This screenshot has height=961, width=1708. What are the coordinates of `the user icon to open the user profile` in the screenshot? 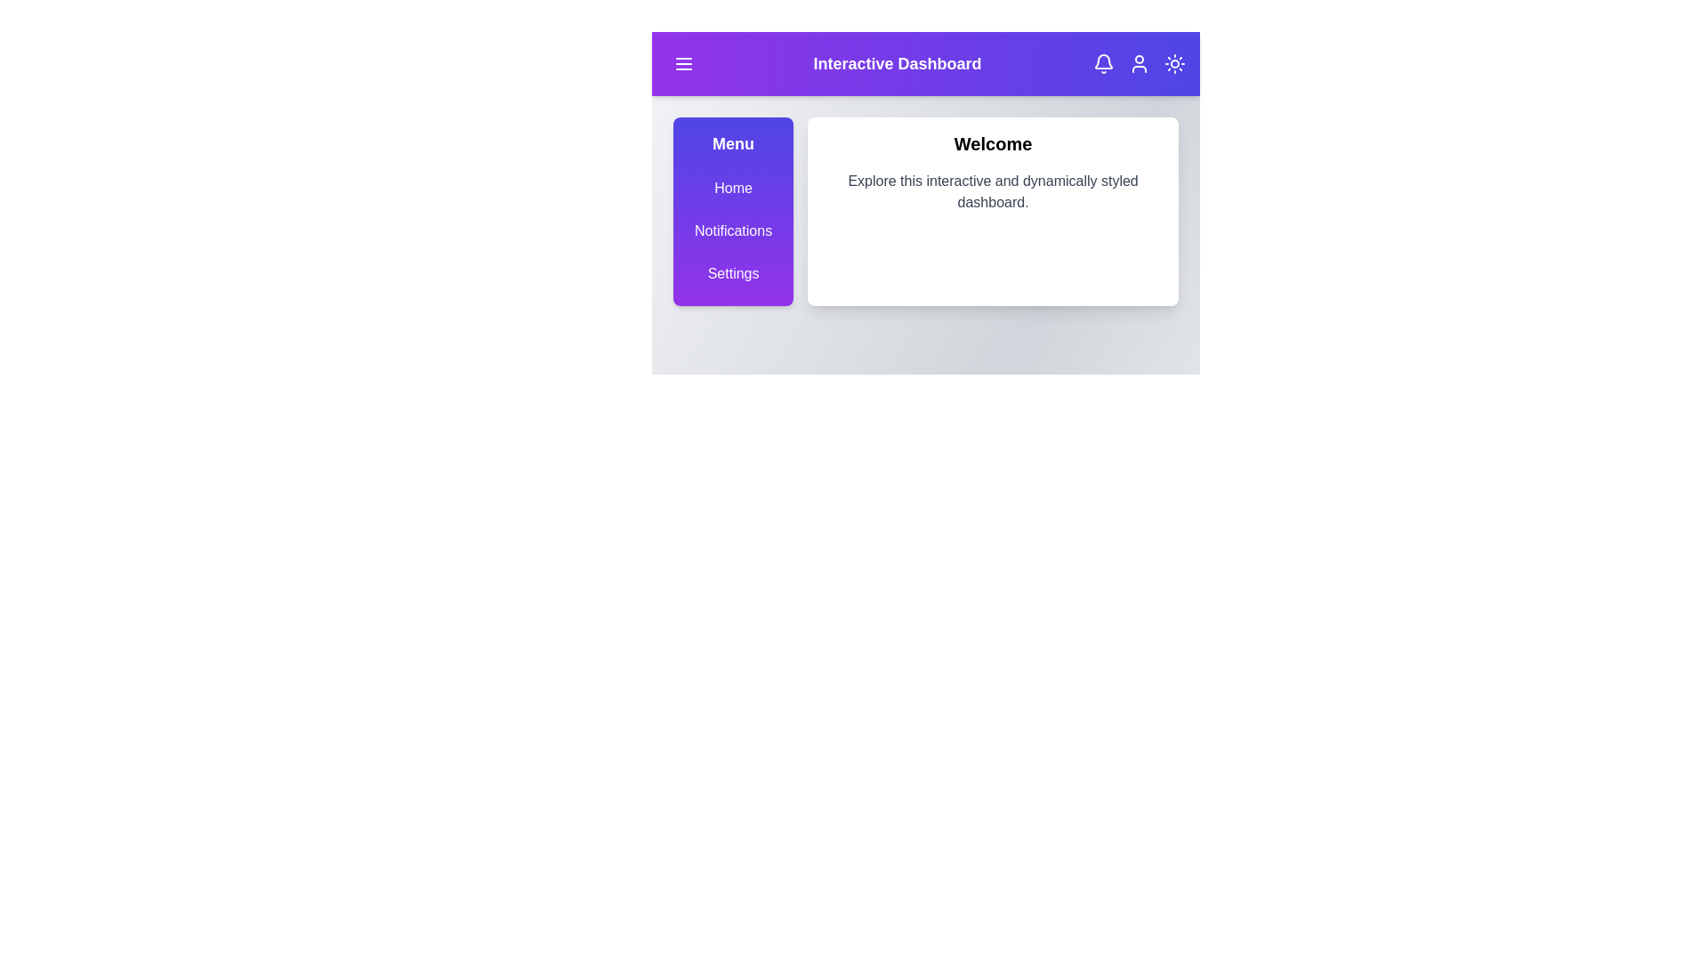 It's located at (1140, 63).